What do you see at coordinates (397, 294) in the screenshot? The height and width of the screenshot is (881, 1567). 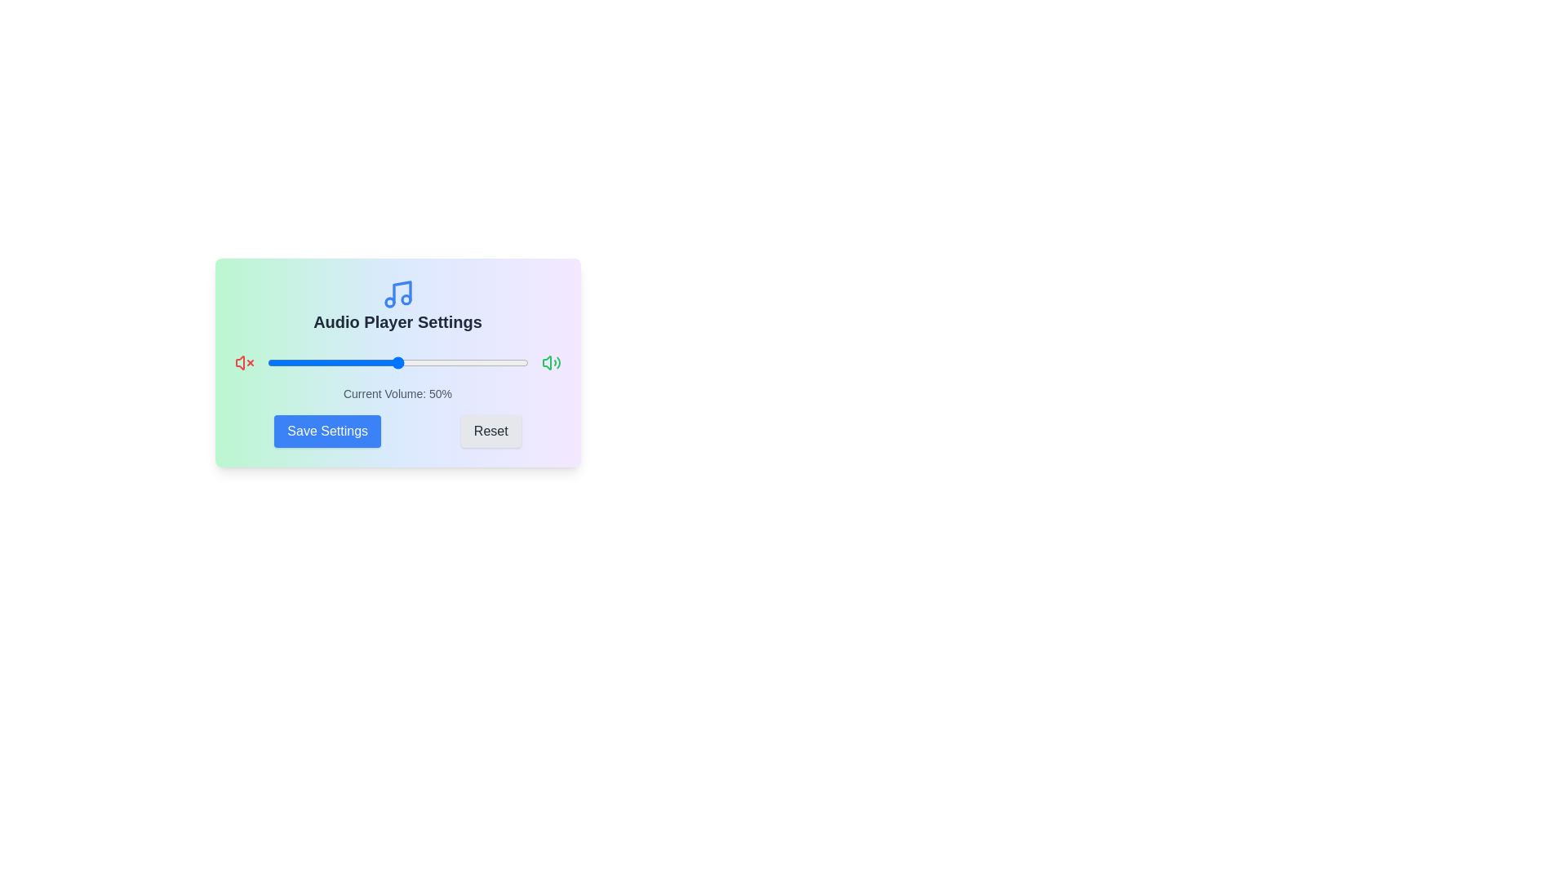 I see `the blue musical note icon located above the 'Audio Player Settings' text` at bounding box center [397, 294].